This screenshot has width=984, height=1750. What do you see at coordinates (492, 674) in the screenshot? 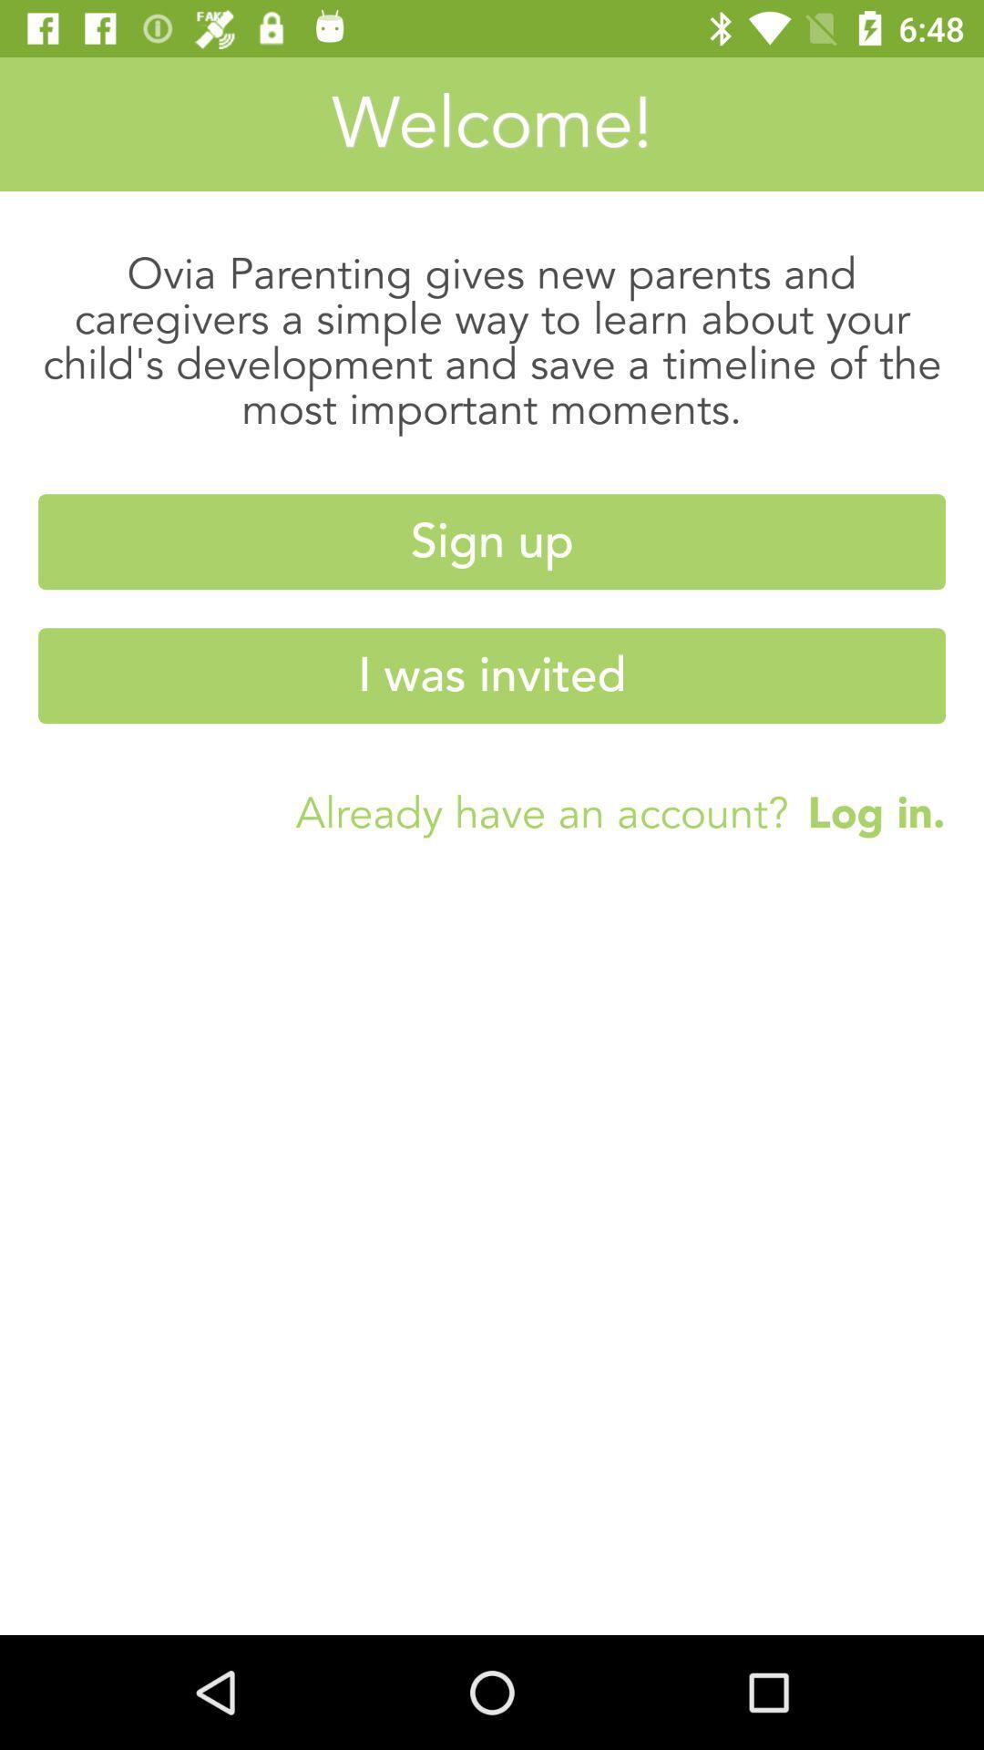
I see `i was invited icon` at bounding box center [492, 674].